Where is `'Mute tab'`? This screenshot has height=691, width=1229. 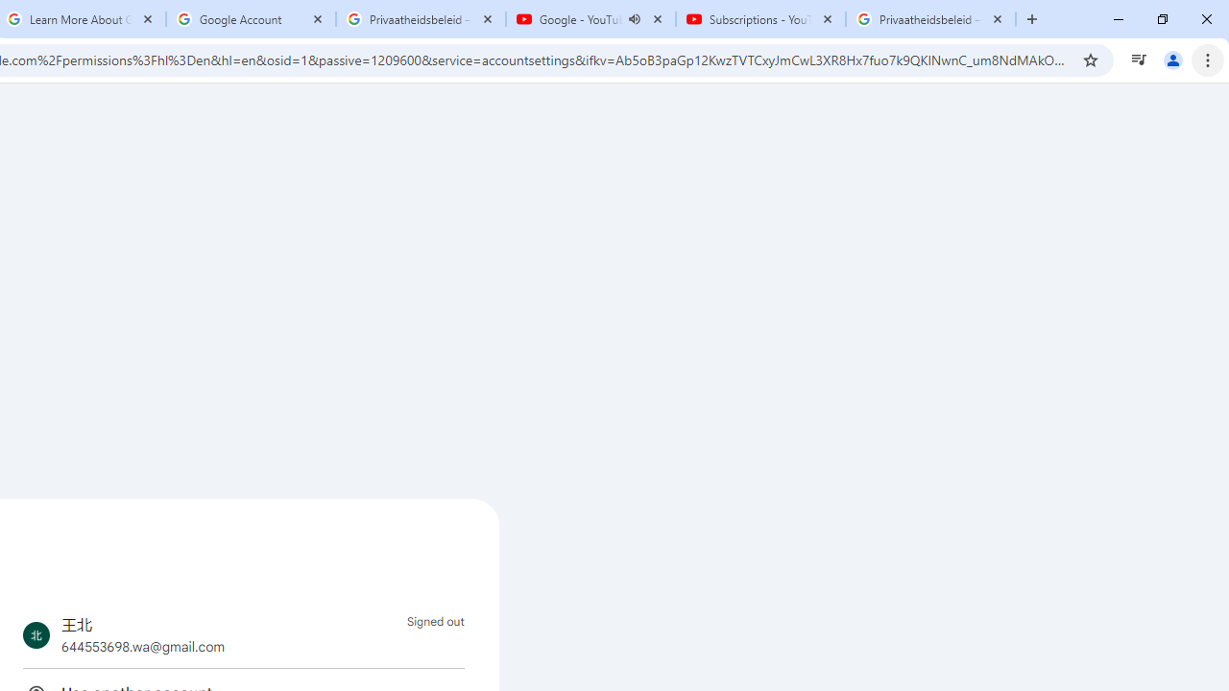 'Mute tab' is located at coordinates (635, 19).